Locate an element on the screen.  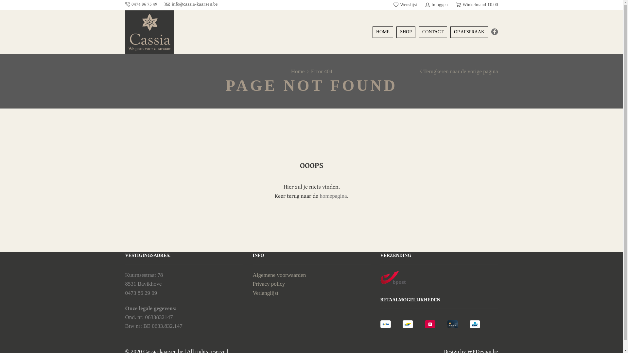
'CONTACT' is located at coordinates (433, 32).